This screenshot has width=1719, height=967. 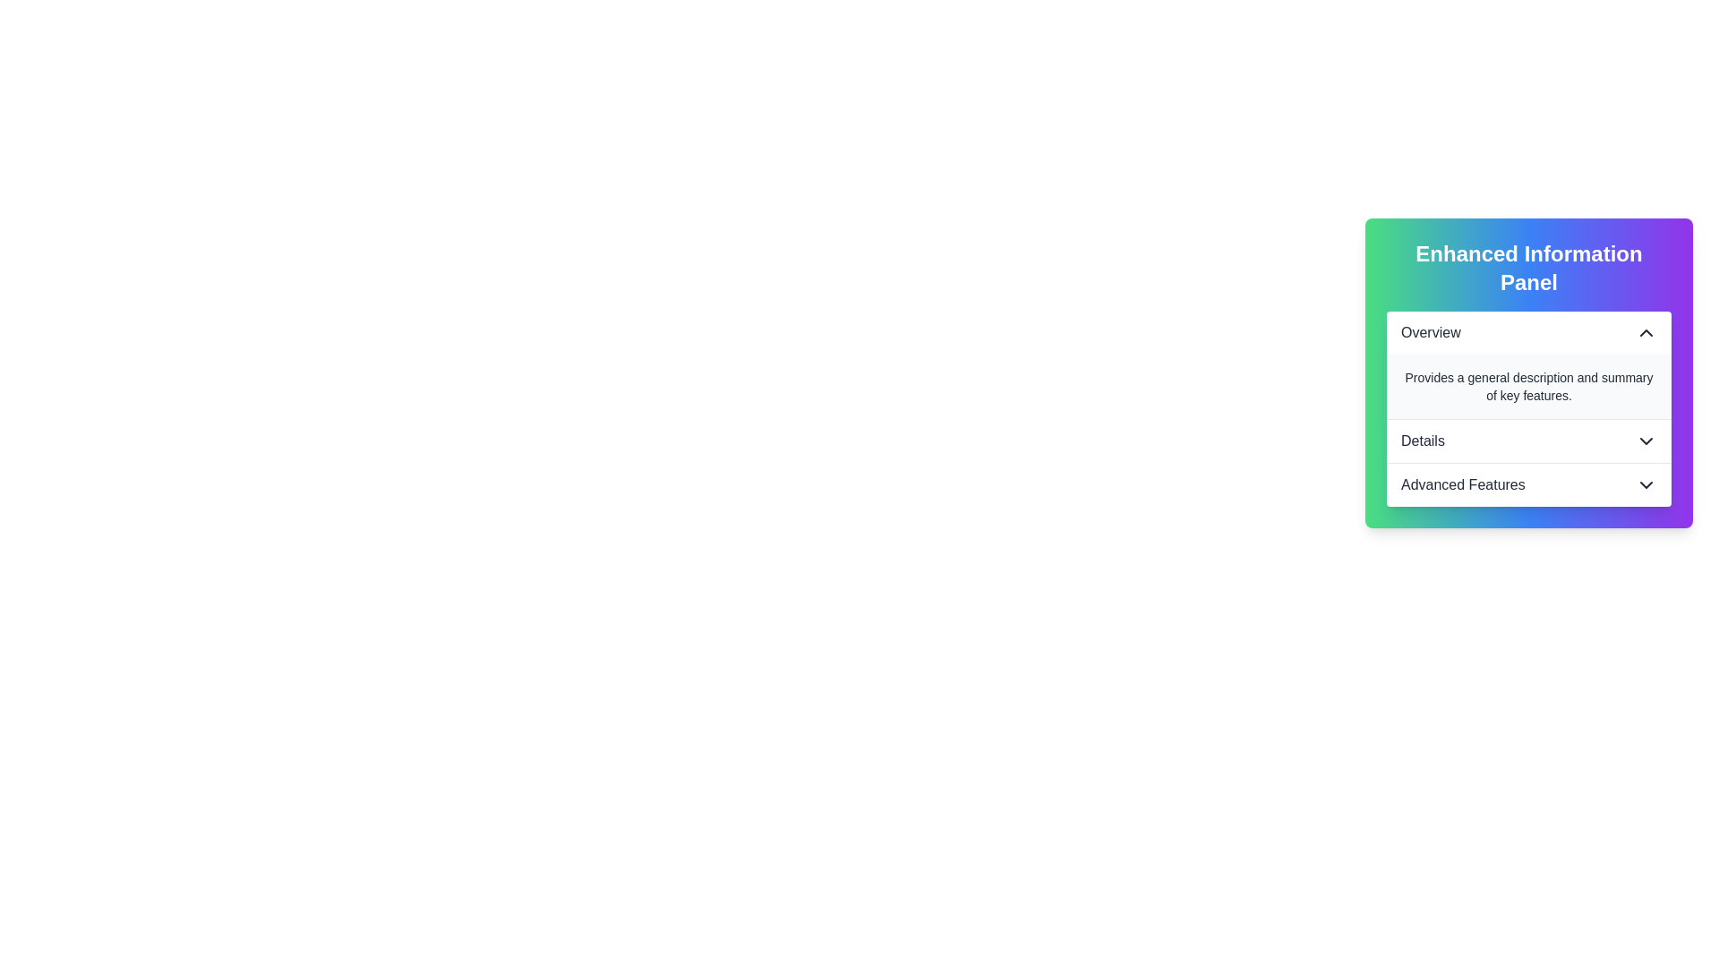 I want to click on the 'Overview' text label, so click(x=1430, y=332).